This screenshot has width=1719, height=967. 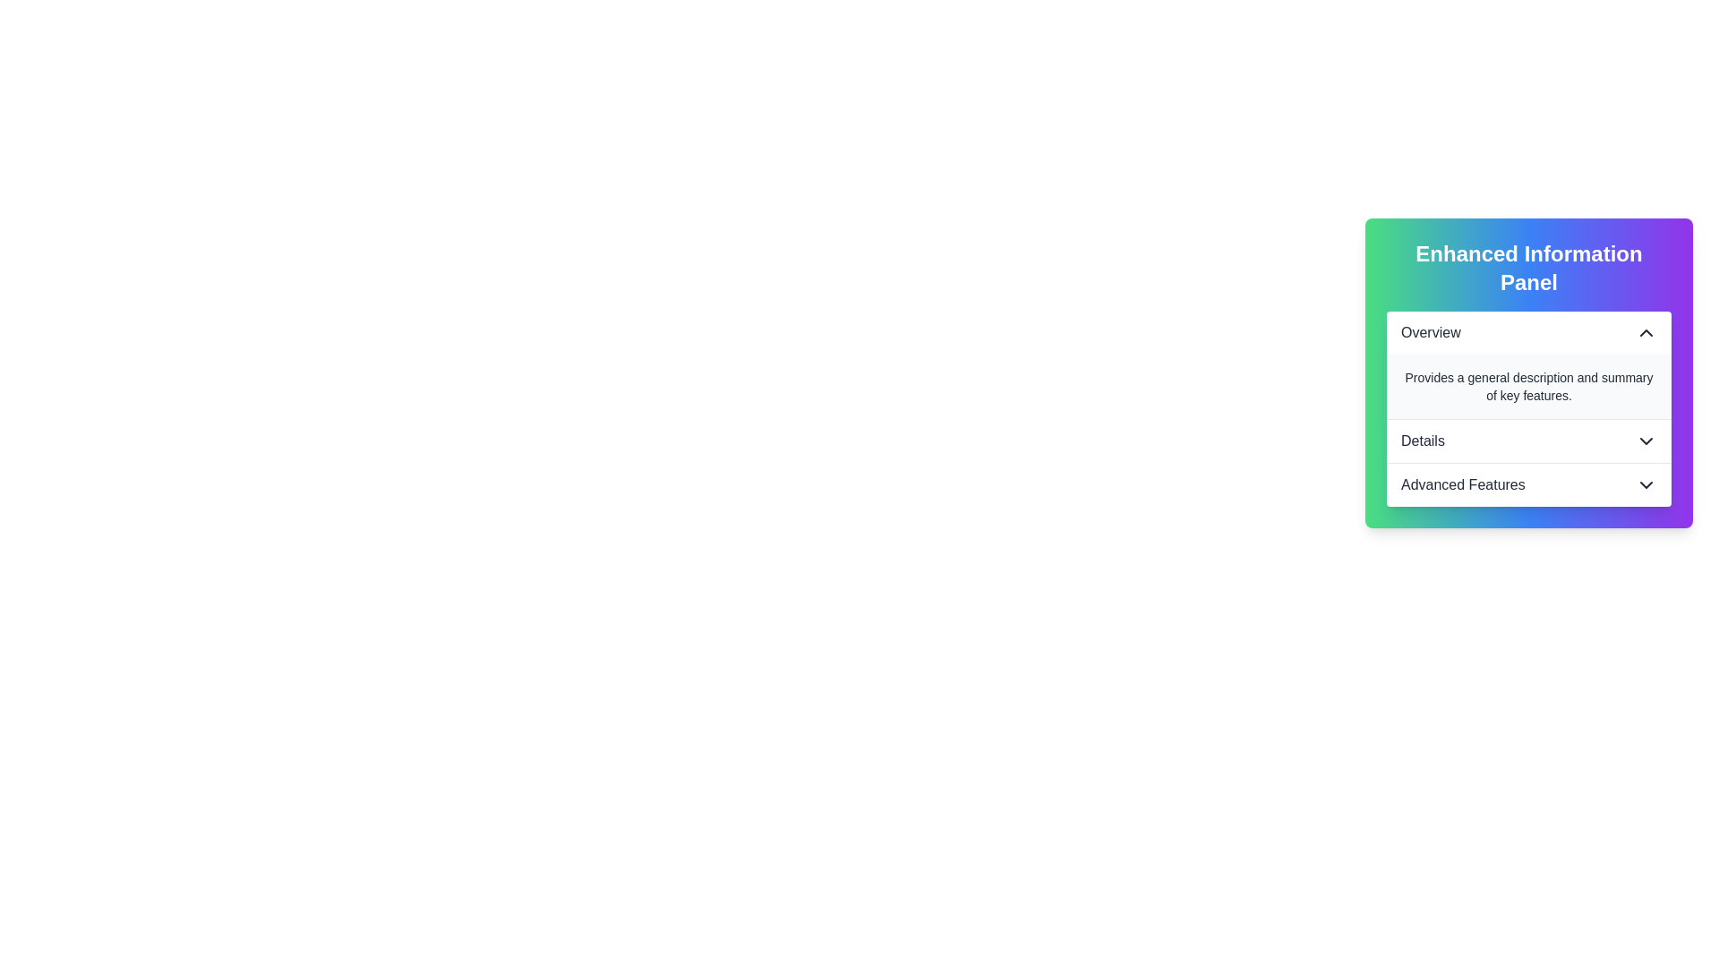 I want to click on the 'Overview' text label, so click(x=1430, y=332).